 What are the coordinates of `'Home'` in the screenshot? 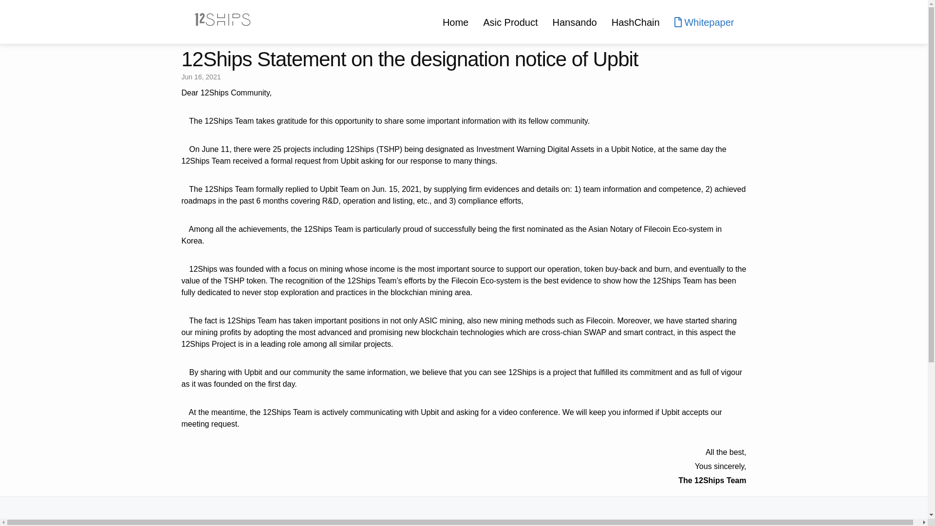 It's located at (455, 22).